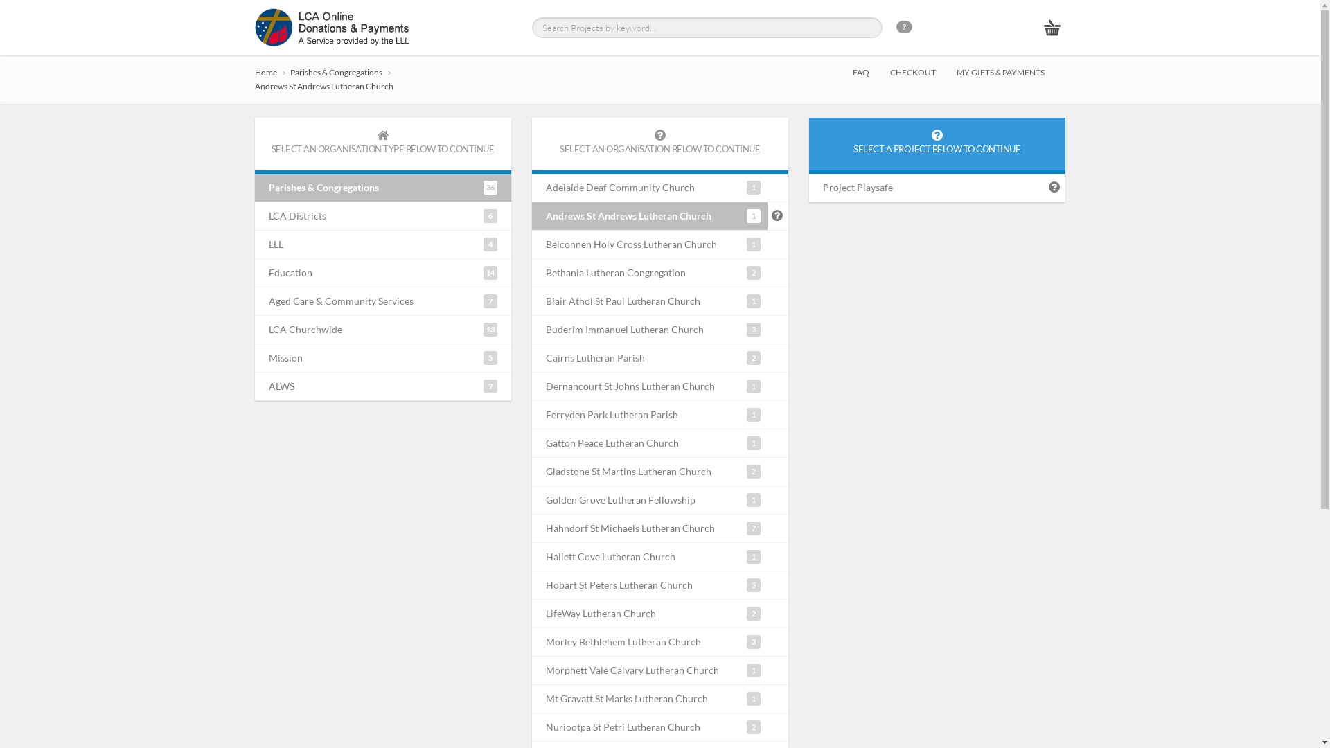  What do you see at coordinates (648, 413) in the screenshot?
I see `'1` at bounding box center [648, 413].